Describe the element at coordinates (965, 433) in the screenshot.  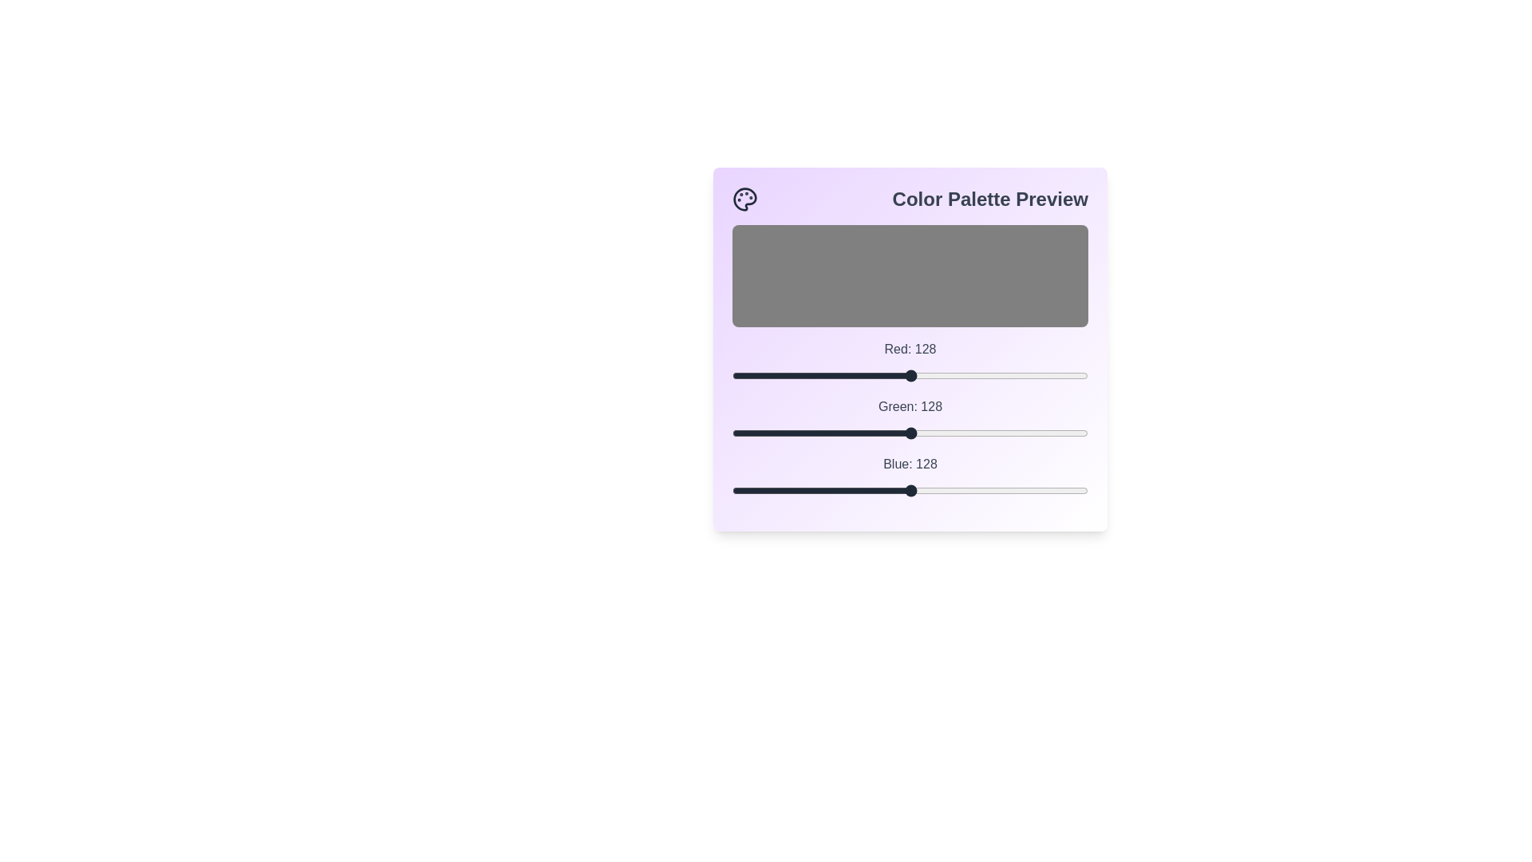
I see `the green intensity` at that location.